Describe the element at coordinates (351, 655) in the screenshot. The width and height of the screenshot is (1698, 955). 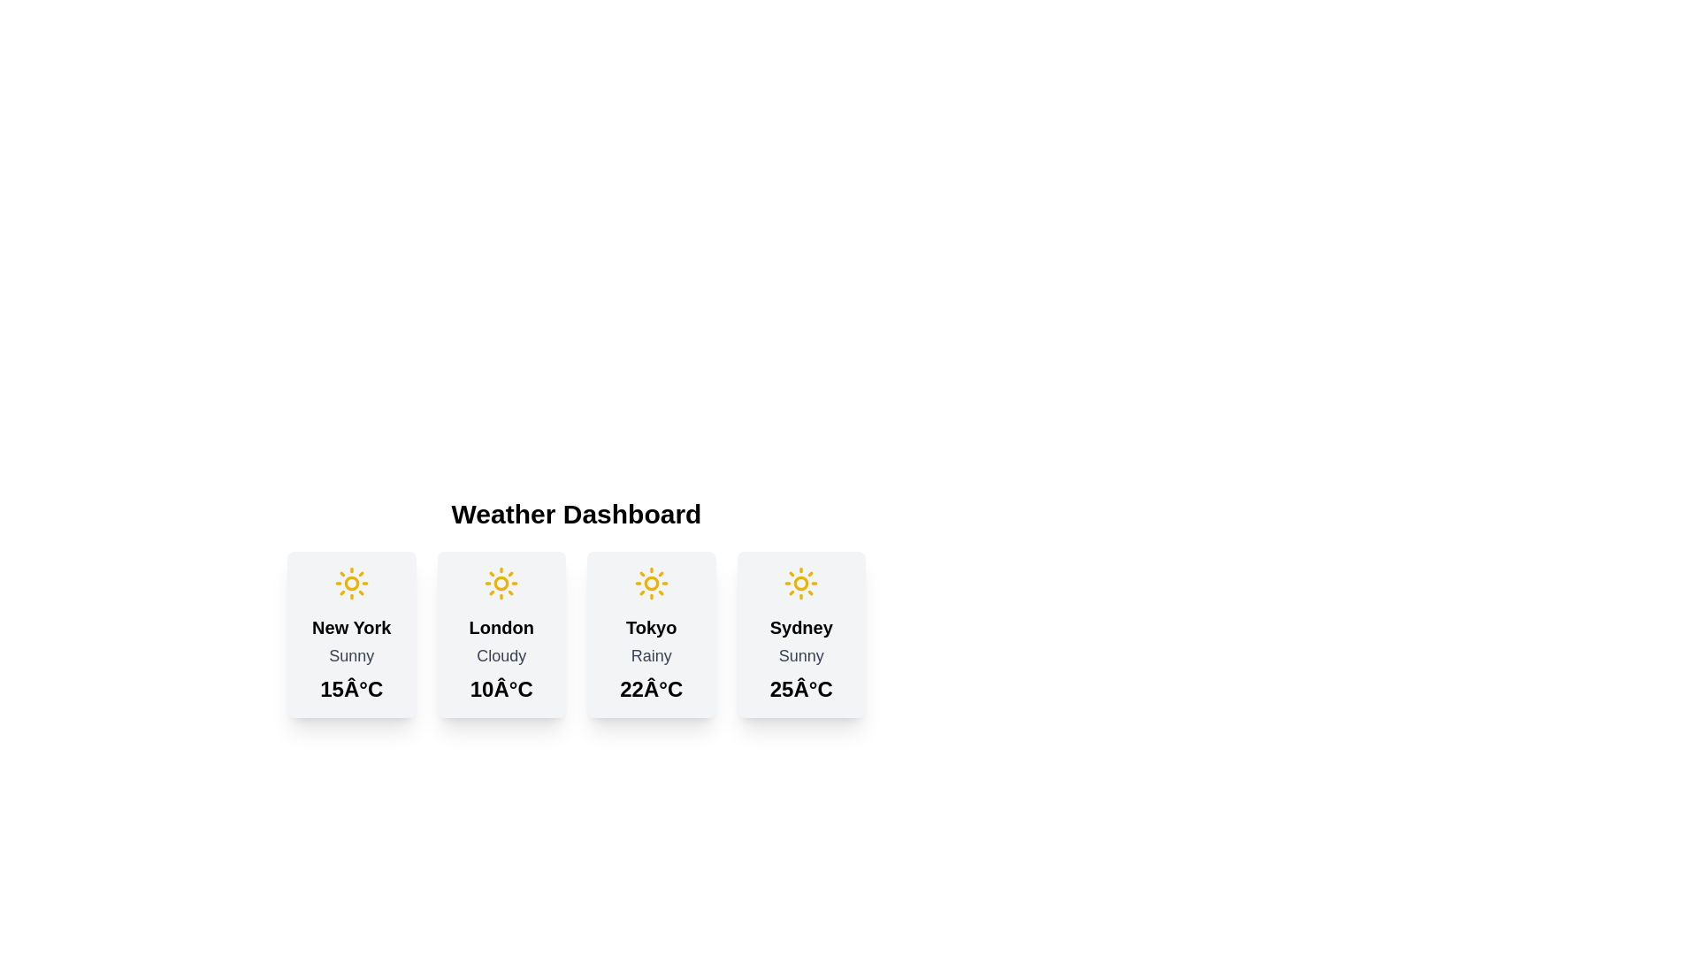
I see `the static text label displaying 'Sunny' in gray, which is located below the 'New York' heading and above the '15°C' temperature label` at that location.